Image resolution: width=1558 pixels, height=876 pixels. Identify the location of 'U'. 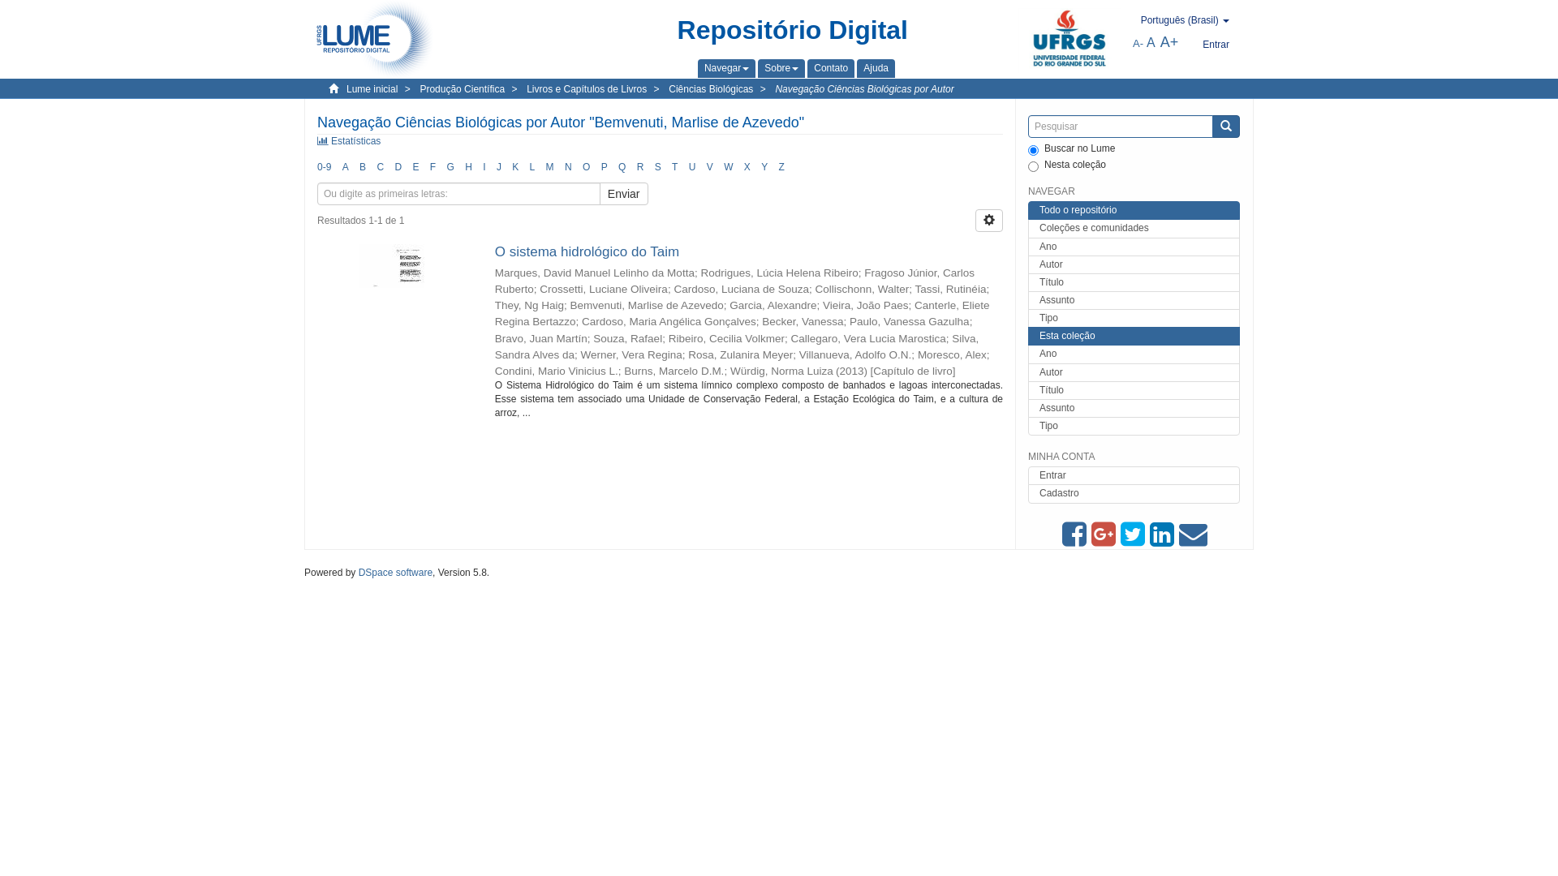
(692, 166).